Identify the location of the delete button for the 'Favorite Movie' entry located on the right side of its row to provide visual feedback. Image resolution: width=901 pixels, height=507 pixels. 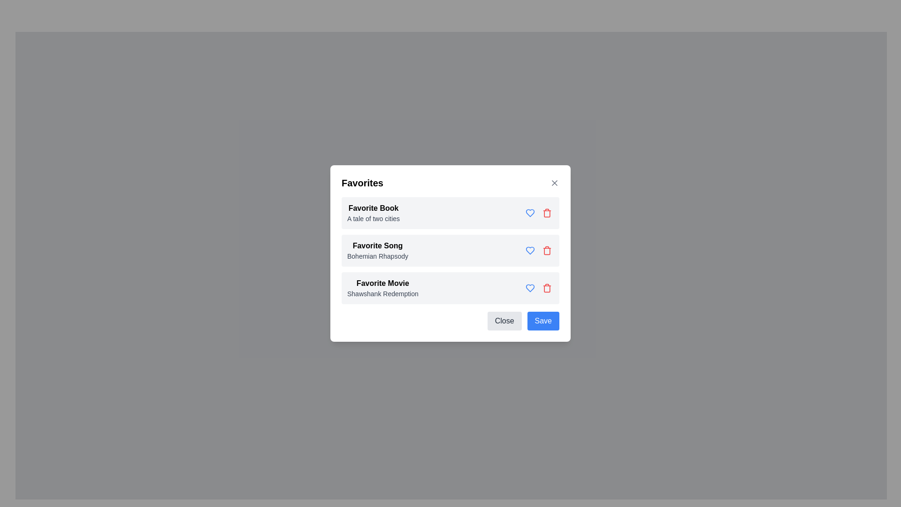
(547, 287).